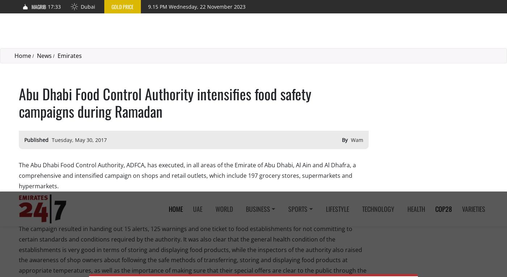 The width and height of the screenshot is (507, 277). I want to click on 'COP28', so click(444, 17).